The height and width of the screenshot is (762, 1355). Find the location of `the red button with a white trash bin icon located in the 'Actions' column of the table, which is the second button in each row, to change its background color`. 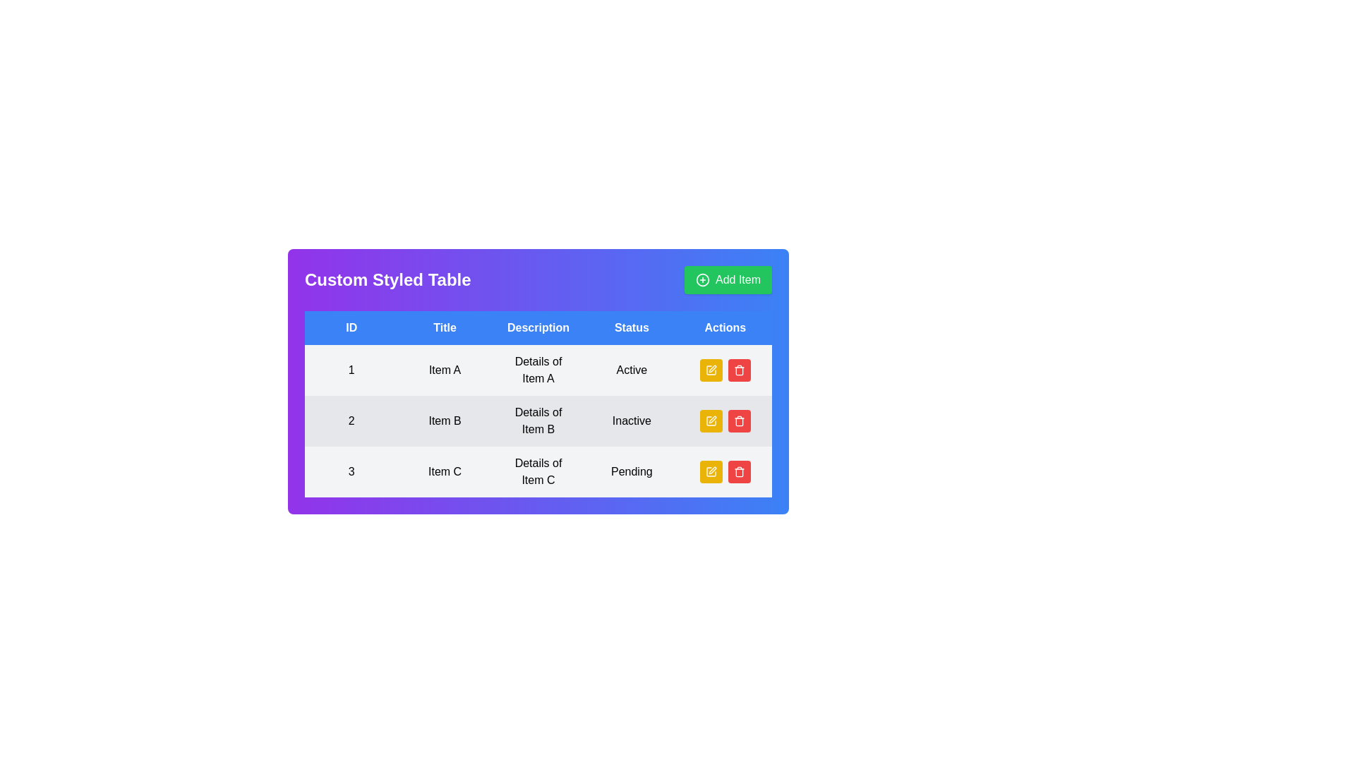

the red button with a white trash bin icon located in the 'Actions' column of the table, which is the second button in each row, to change its background color is located at coordinates (738, 369).